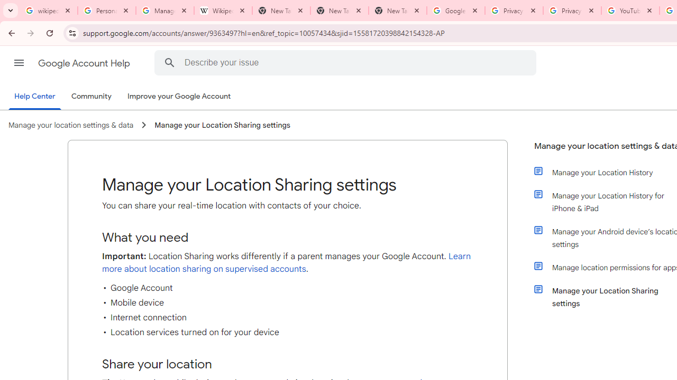  What do you see at coordinates (455, 11) in the screenshot?
I see `'Google Drive: Sign-in'` at bounding box center [455, 11].